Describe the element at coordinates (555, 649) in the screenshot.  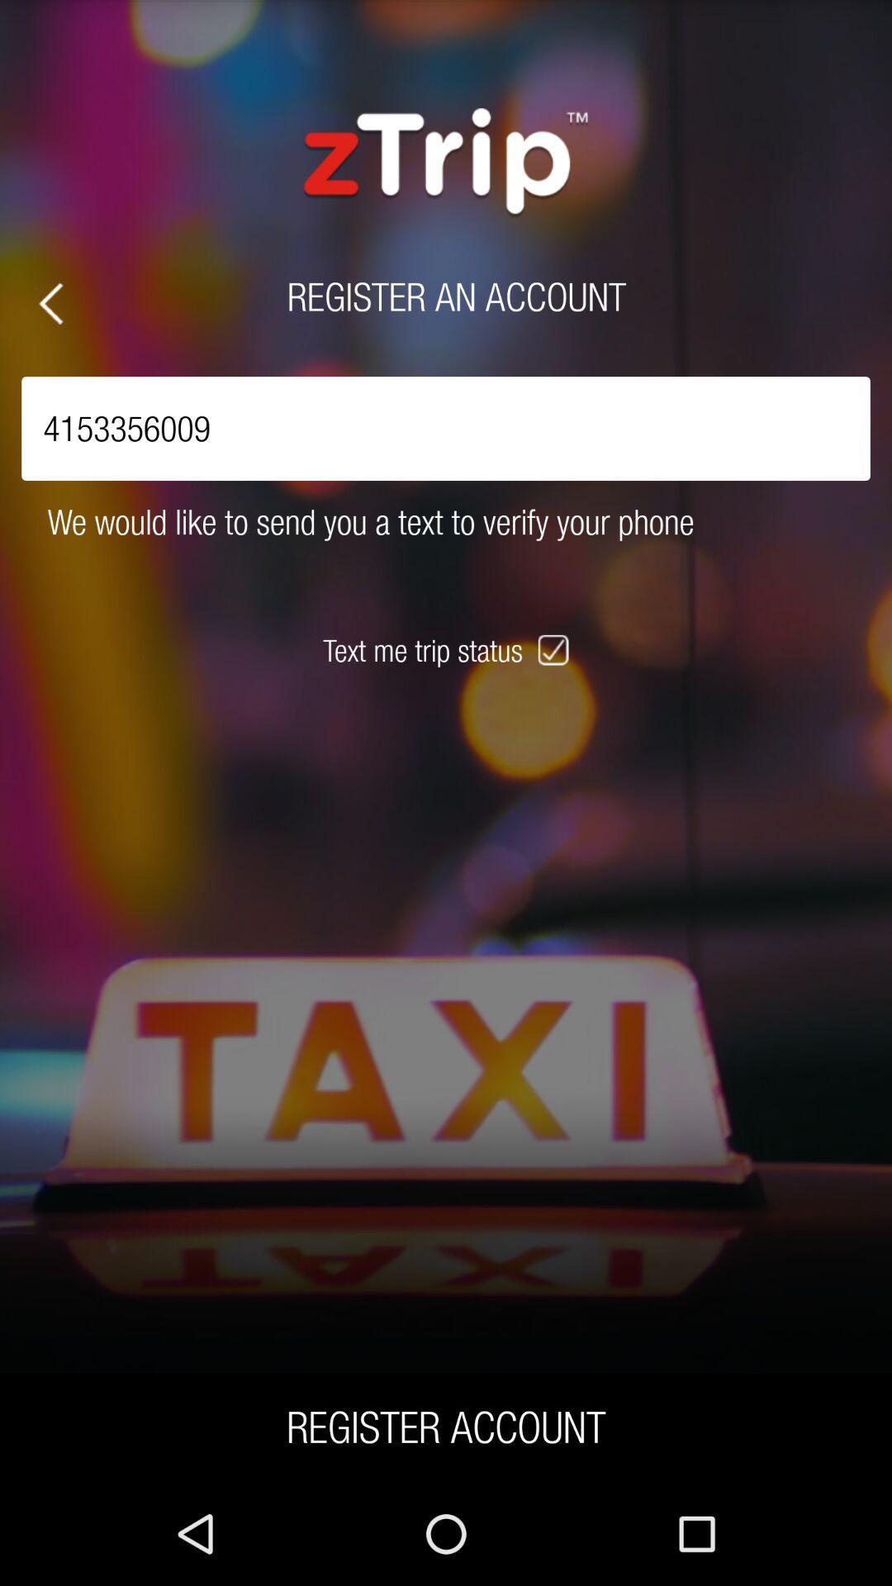
I see `icon below we would like item` at that location.